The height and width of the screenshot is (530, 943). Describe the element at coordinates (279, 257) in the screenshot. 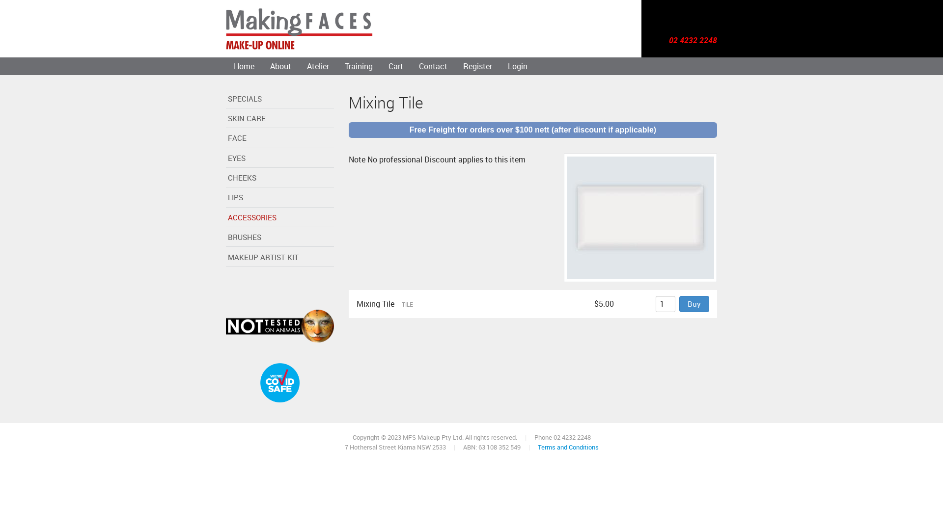

I see `'MAKEUP ARTIST KIT'` at that location.